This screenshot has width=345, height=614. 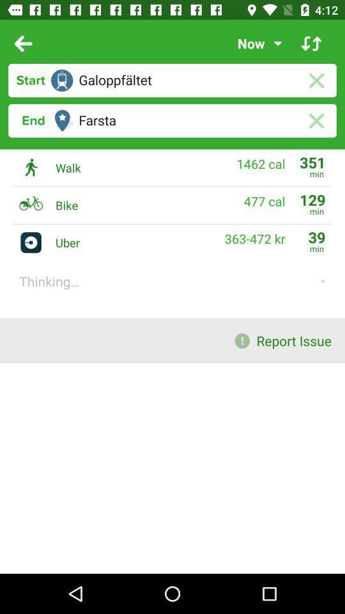 What do you see at coordinates (310, 43) in the screenshot?
I see `the information` at bounding box center [310, 43].